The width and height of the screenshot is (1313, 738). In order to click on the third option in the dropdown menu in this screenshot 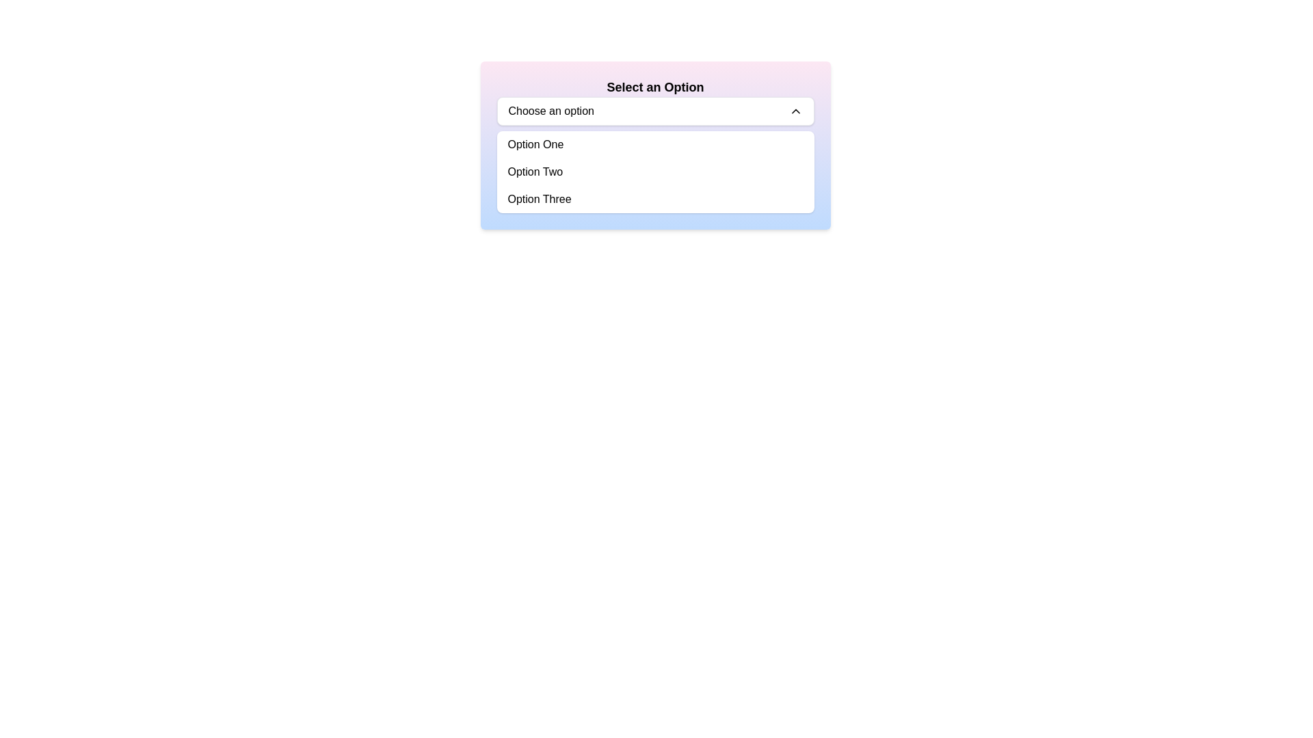, I will do `click(539, 200)`.